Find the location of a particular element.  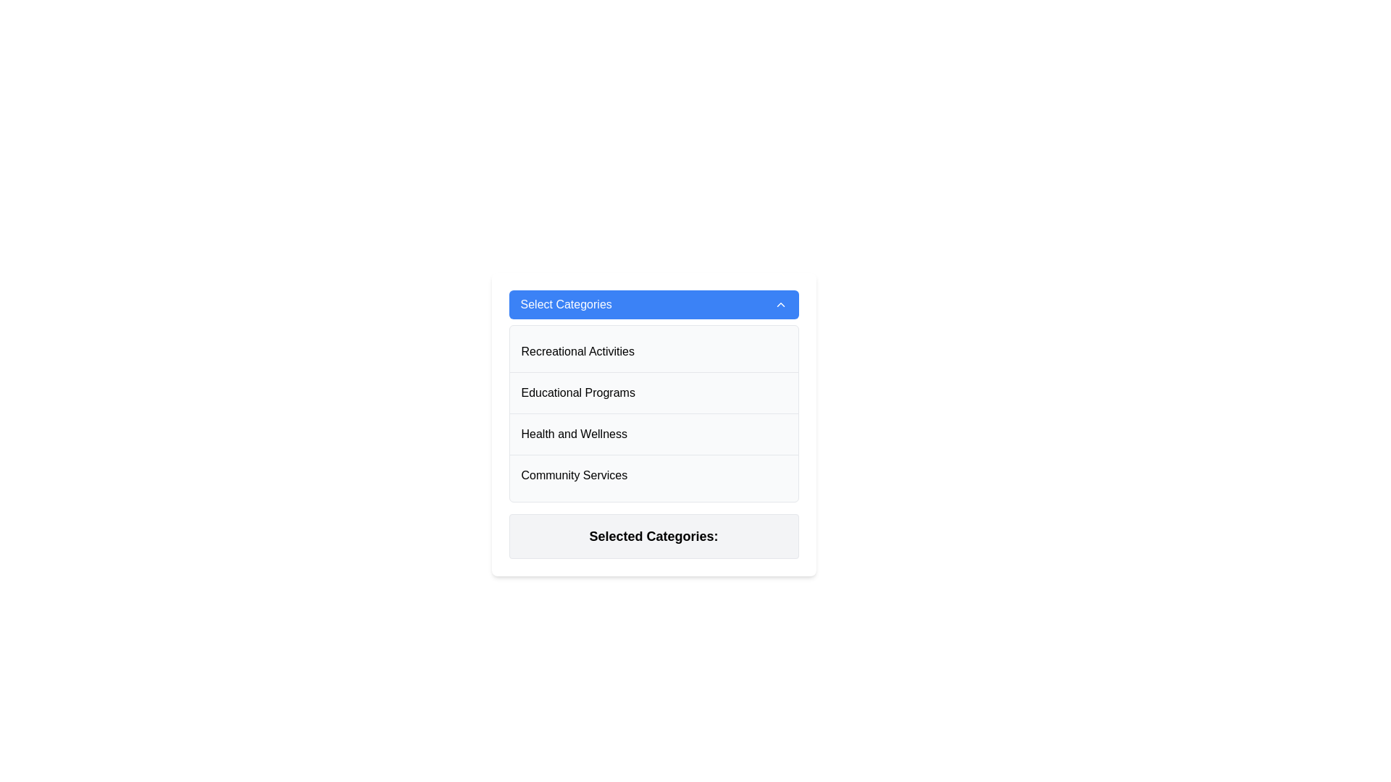

the fourth item in the vertically-stacked list of options is located at coordinates (653, 475).